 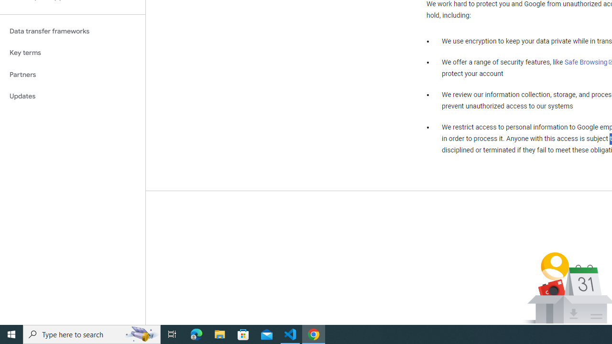 What do you see at coordinates (72, 53) in the screenshot?
I see `'Key terms'` at bounding box center [72, 53].